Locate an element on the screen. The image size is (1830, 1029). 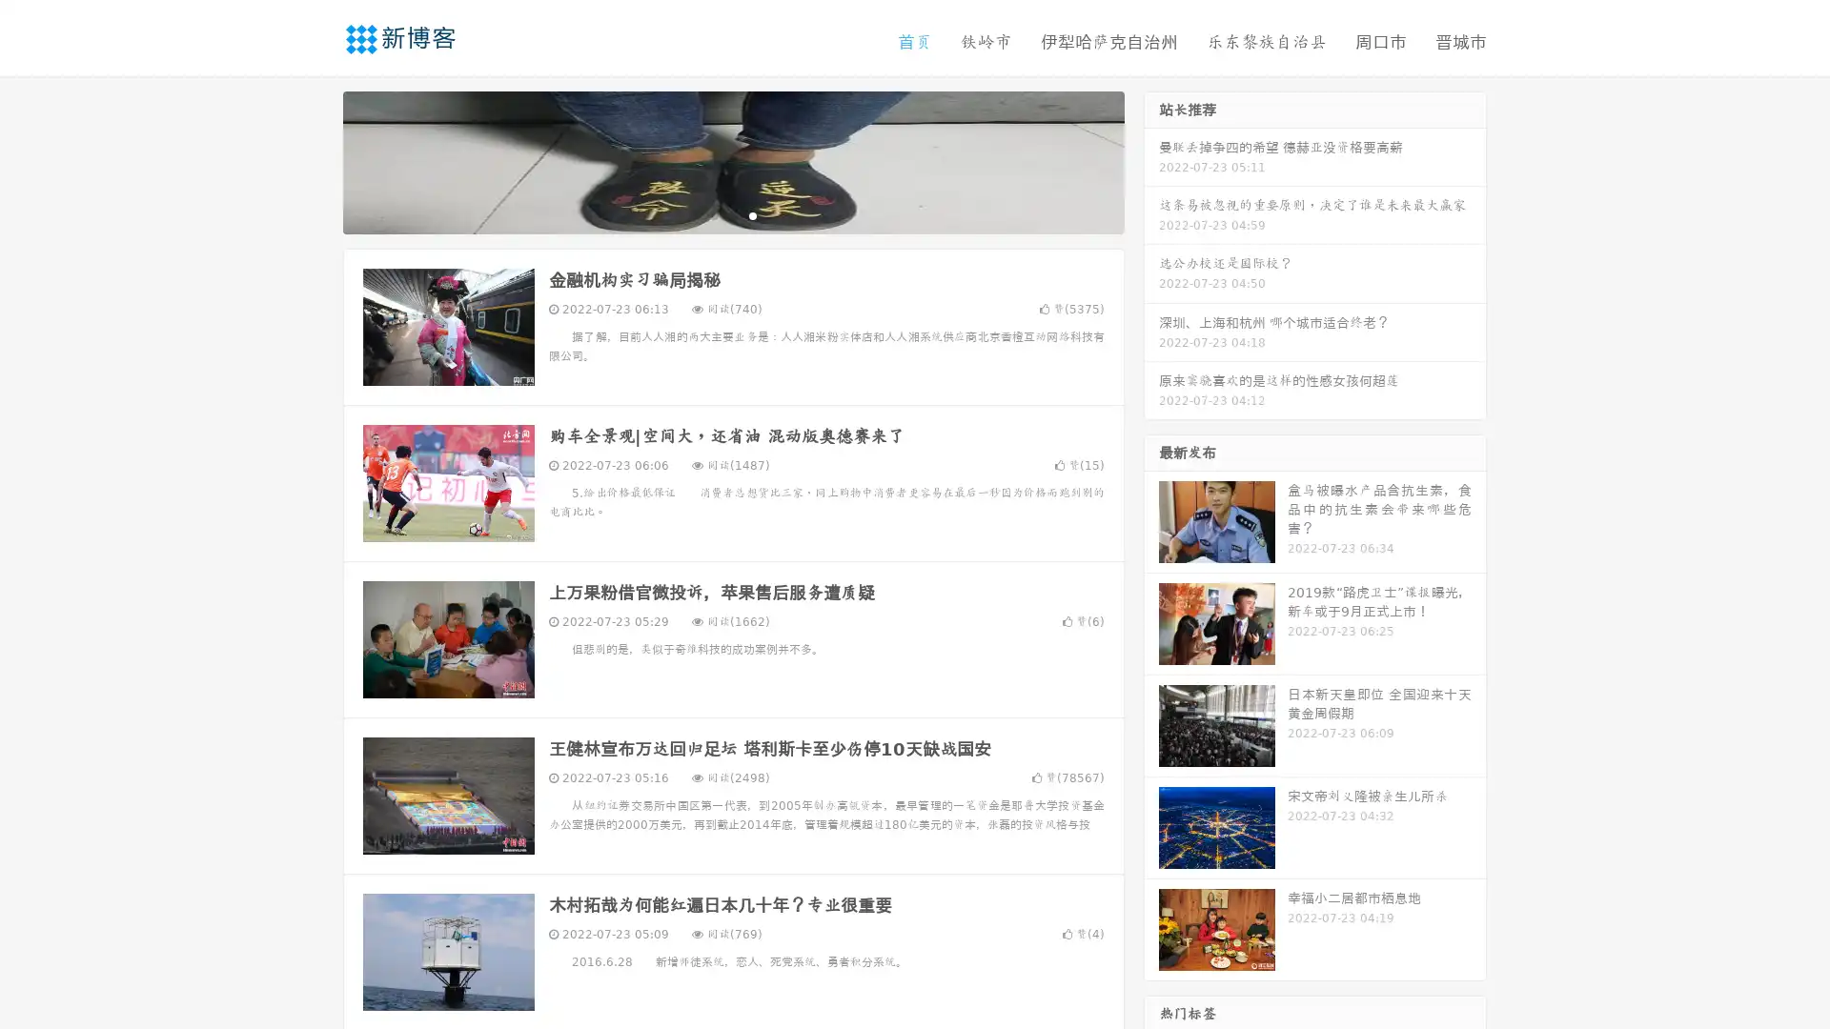
Next slide is located at coordinates (1151, 160).